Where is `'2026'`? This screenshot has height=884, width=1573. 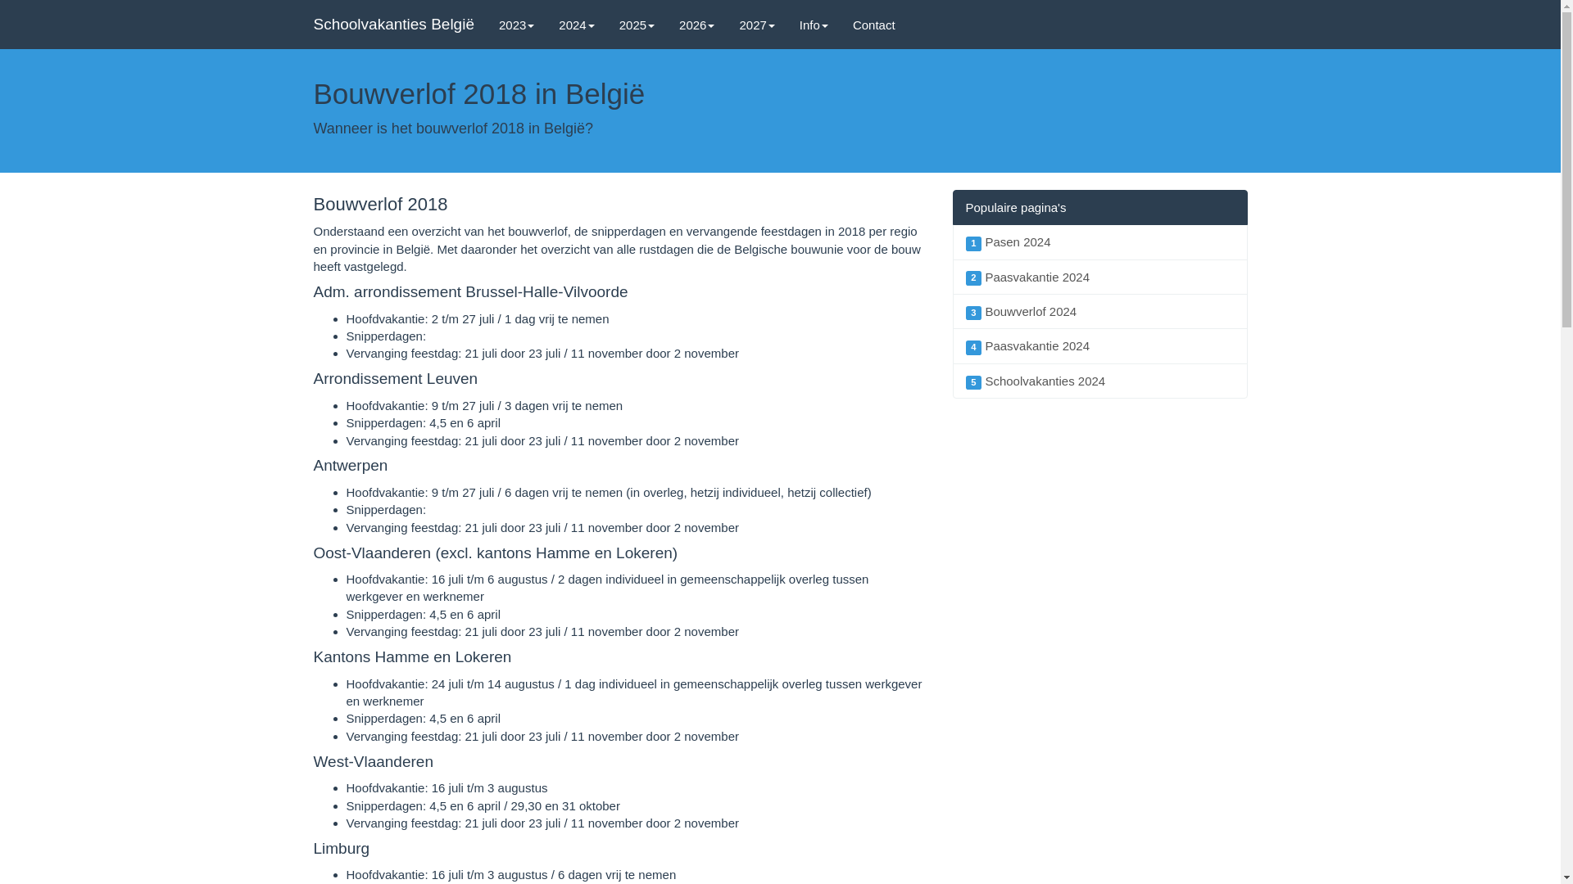 '2026' is located at coordinates (696, 25).